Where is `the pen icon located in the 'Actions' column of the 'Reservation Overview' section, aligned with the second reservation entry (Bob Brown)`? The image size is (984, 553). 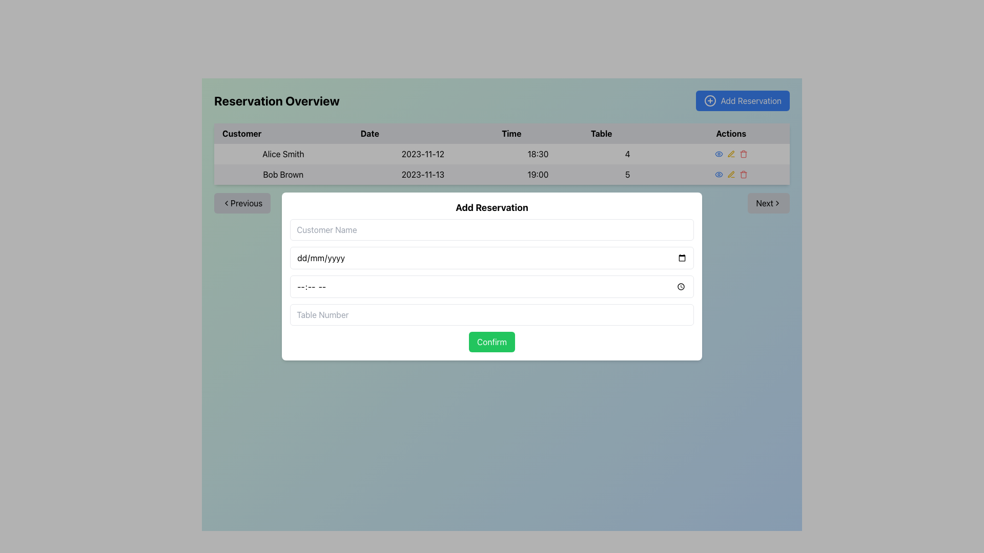
the pen icon located in the 'Actions' column of the 'Reservation Overview' section, aligned with the second reservation entry (Bob Brown) is located at coordinates (730, 154).